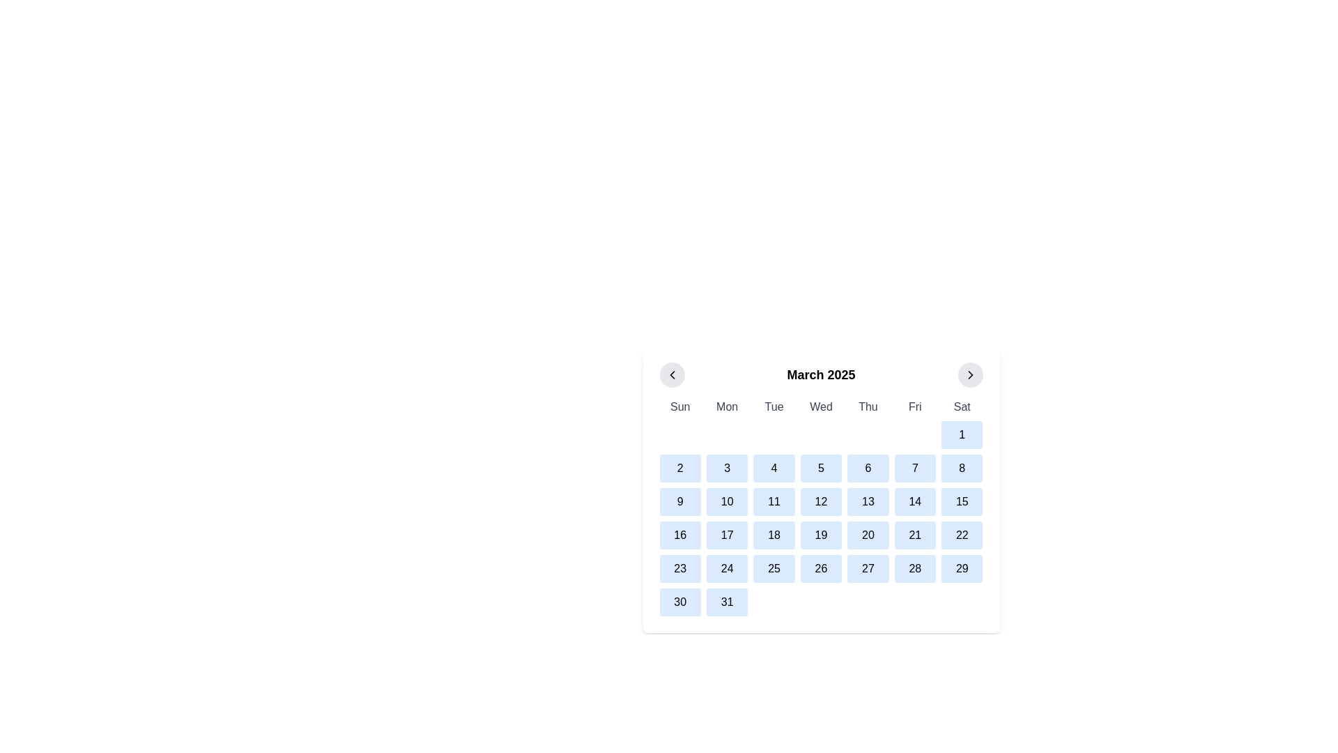 Image resolution: width=1338 pixels, height=753 pixels. Describe the element at coordinates (915, 468) in the screenshot. I see `the rectangular button with rounded edges, filled with light blue color, containing the number '7', which is located in the second row and seventh column of the visible calendar under 'Fri'` at that location.